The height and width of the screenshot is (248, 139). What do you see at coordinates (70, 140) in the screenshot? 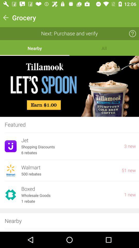
I see `the jet item` at bounding box center [70, 140].